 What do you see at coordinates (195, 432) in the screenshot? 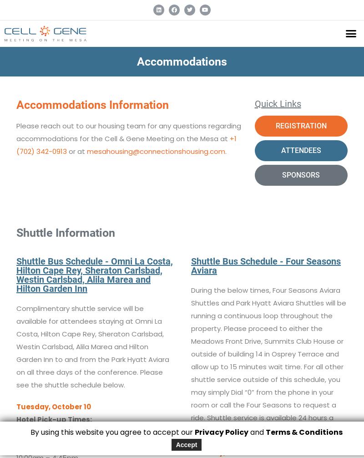
I see `'Privacy Policy'` at bounding box center [195, 432].